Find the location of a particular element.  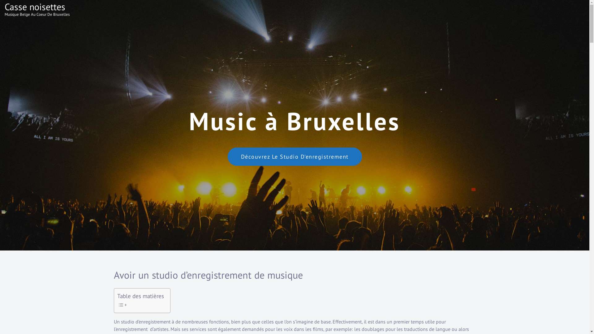

'Casse noisettes' is located at coordinates (35, 6).